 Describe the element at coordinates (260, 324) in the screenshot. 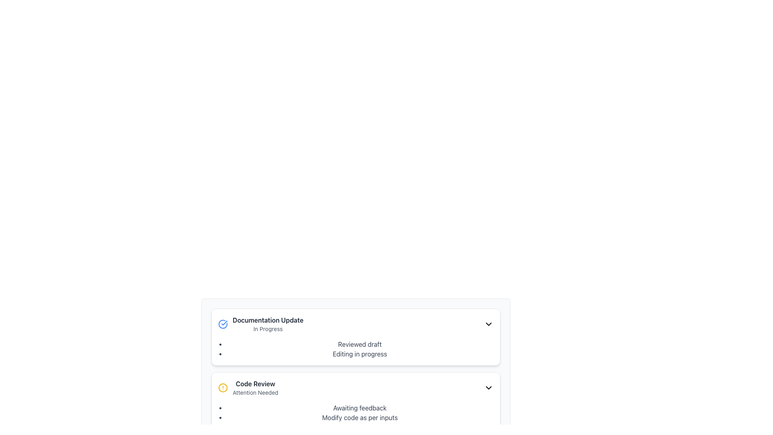

I see `text content of the List item with the status indicator that includes 'Documentation Update' and 'In Progress'` at that location.